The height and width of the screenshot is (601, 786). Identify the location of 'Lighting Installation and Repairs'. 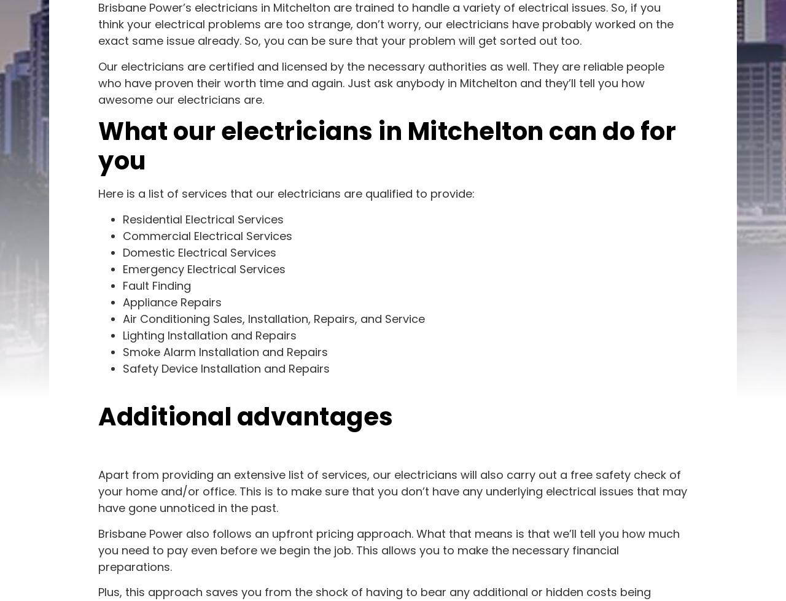
(209, 334).